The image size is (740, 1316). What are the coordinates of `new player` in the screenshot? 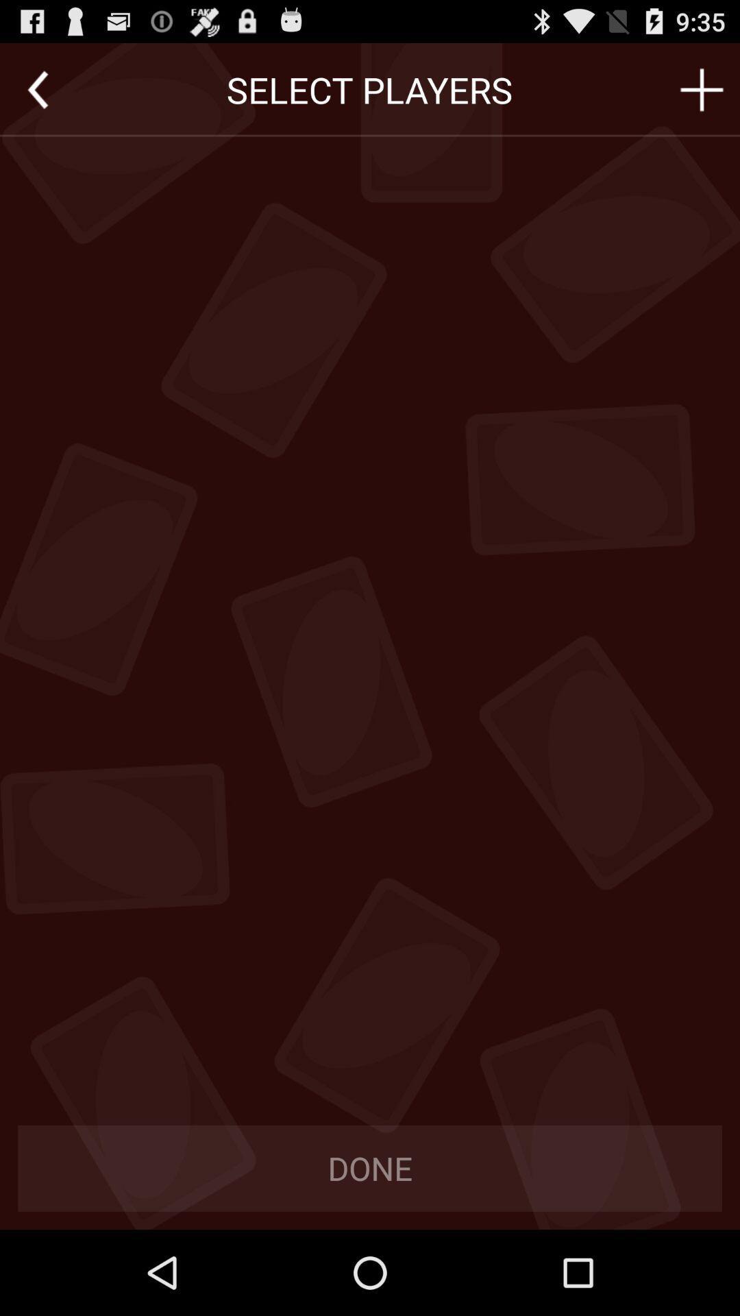 It's located at (702, 89).